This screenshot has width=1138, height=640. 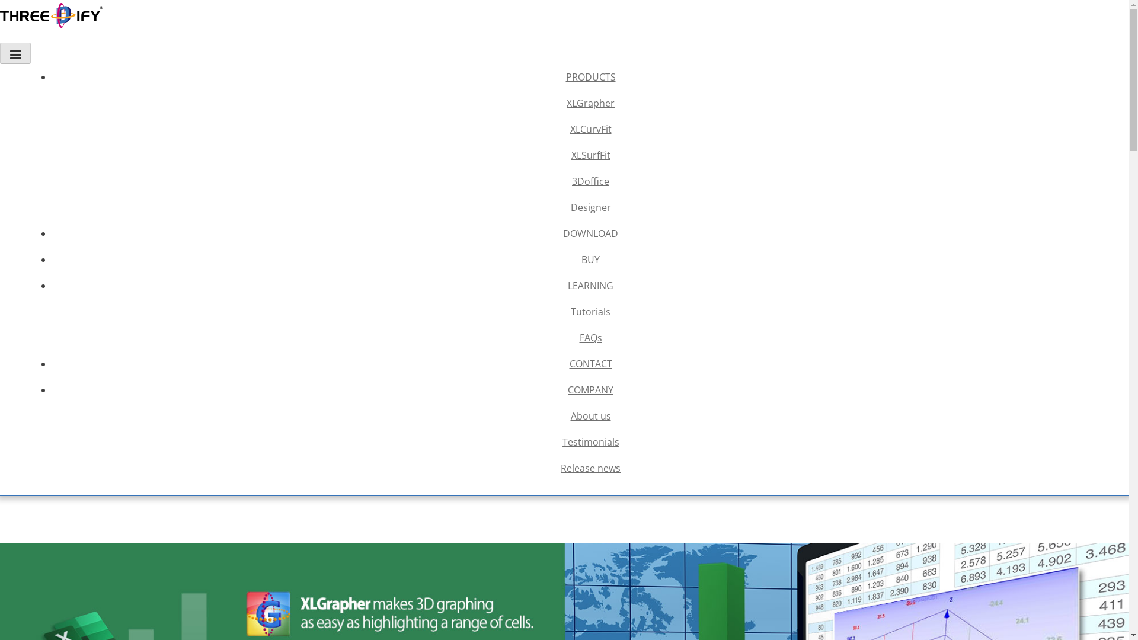 What do you see at coordinates (590, 207) in the screenshot?
I see `'Designer'` at bounding box center [590, 207].